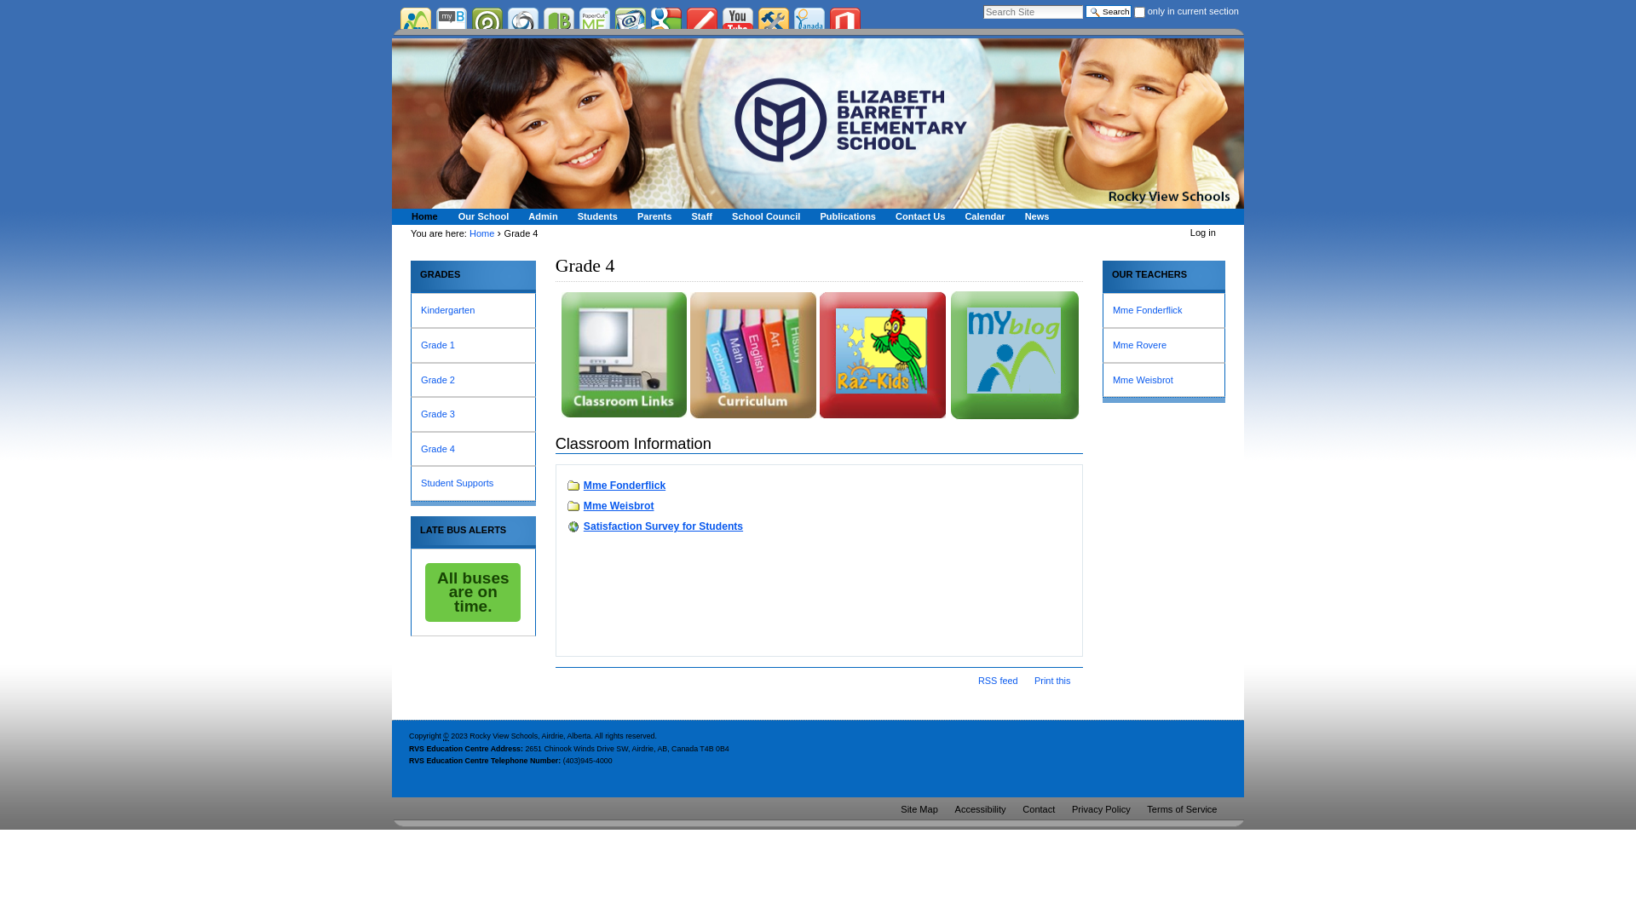  What do you see at coordinates (772, 22) in the screenshot?
I see `'Tech Support'` at bounding box center [772, 22].